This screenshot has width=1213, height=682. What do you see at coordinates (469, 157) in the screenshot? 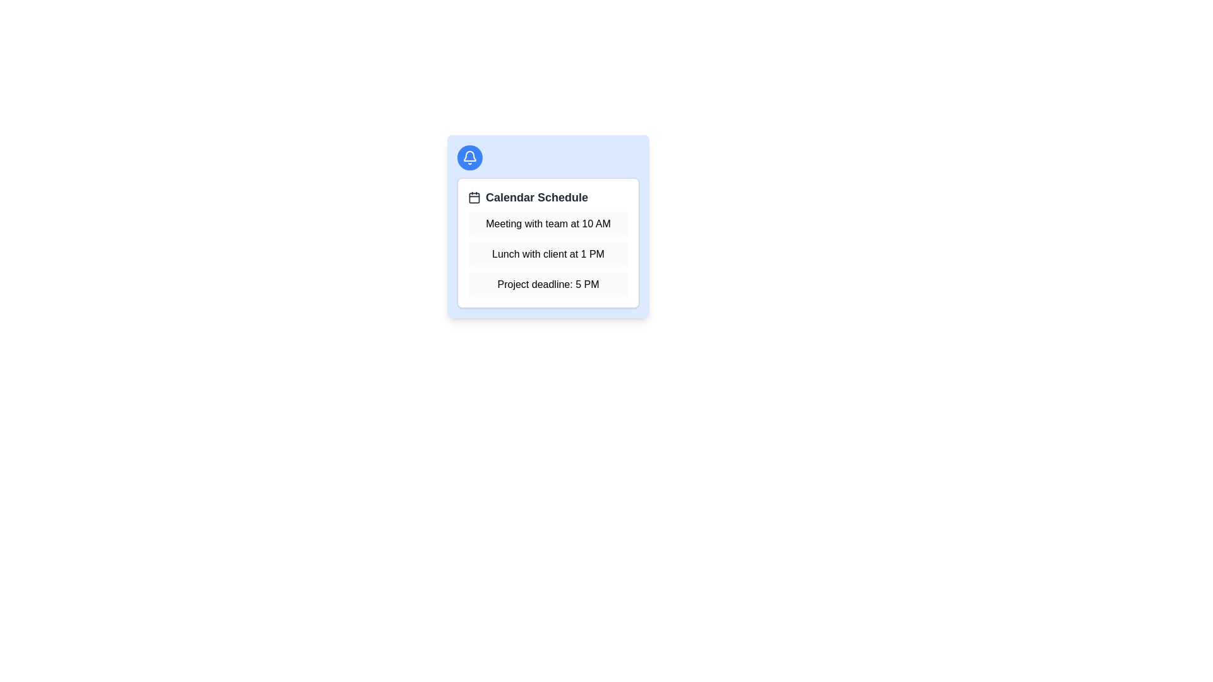
I see `the notification icon located at the top-left corner of the rounded blue button to interact with it` at bounding box center [469, 157].